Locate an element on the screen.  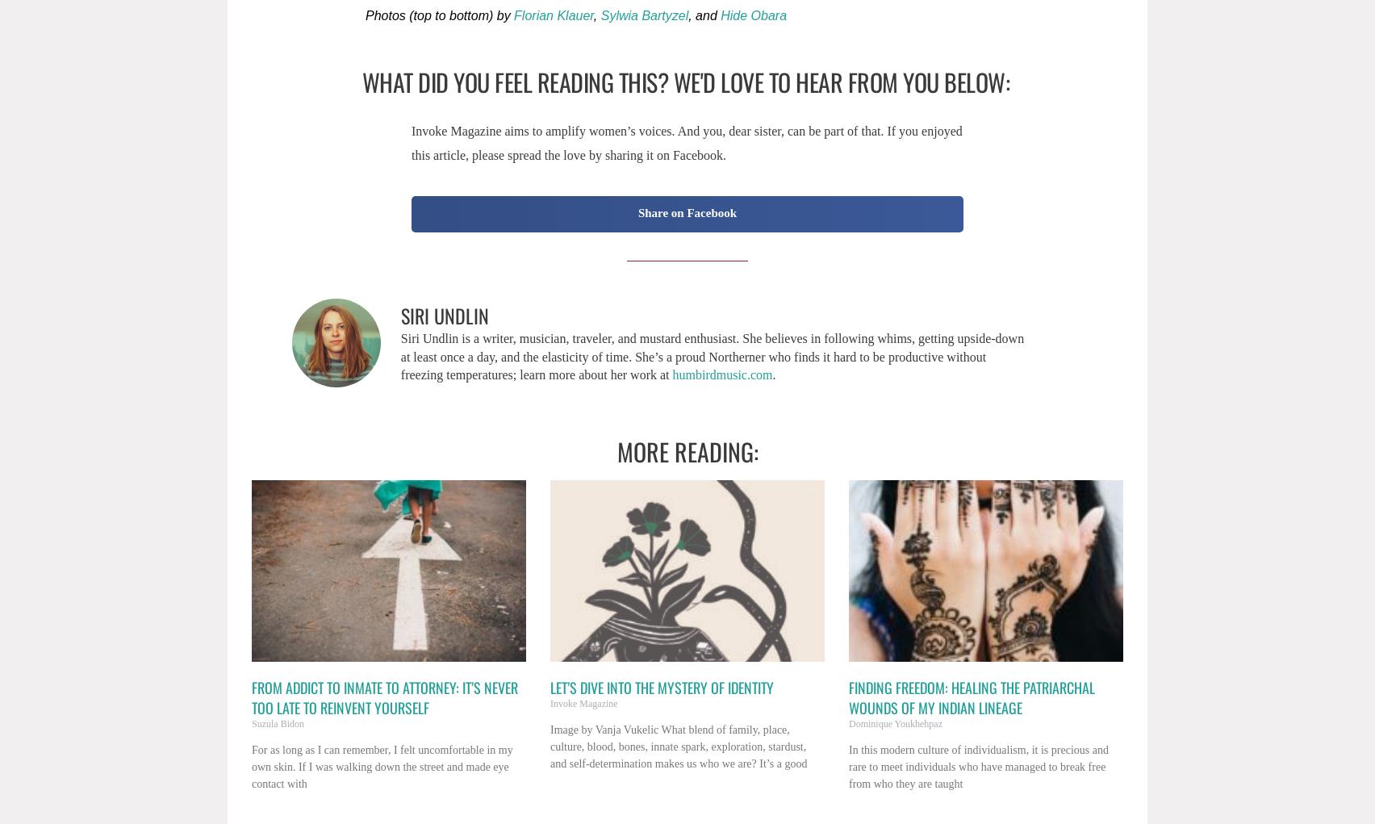
'Photos (top to bottom) by' is located at coordinates (439, 15).